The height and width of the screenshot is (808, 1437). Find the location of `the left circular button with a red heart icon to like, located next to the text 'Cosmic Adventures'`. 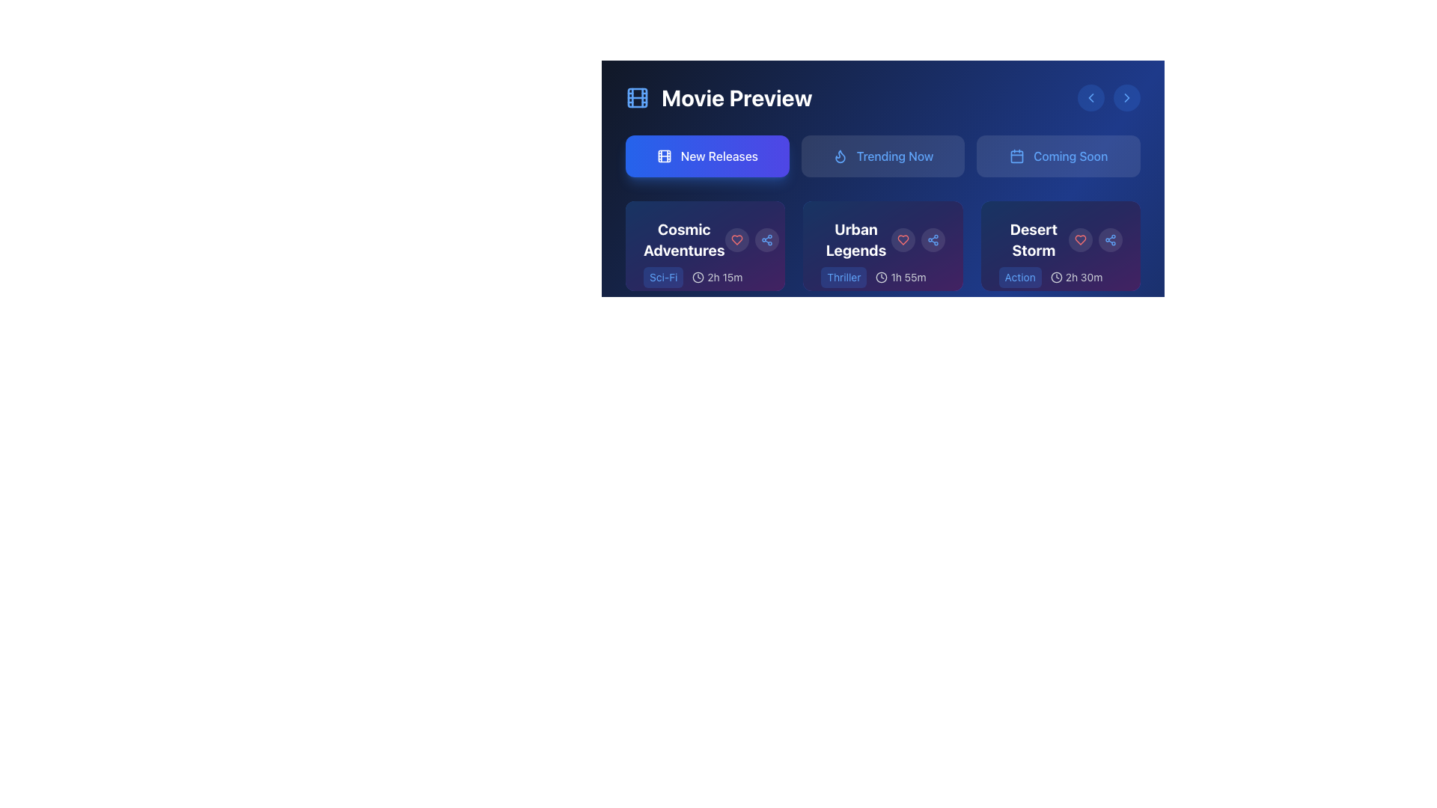

the left circular button with a red heart icon to like, located next to the text 'Cosmic Adventures' is located at coordinates (751, 239).